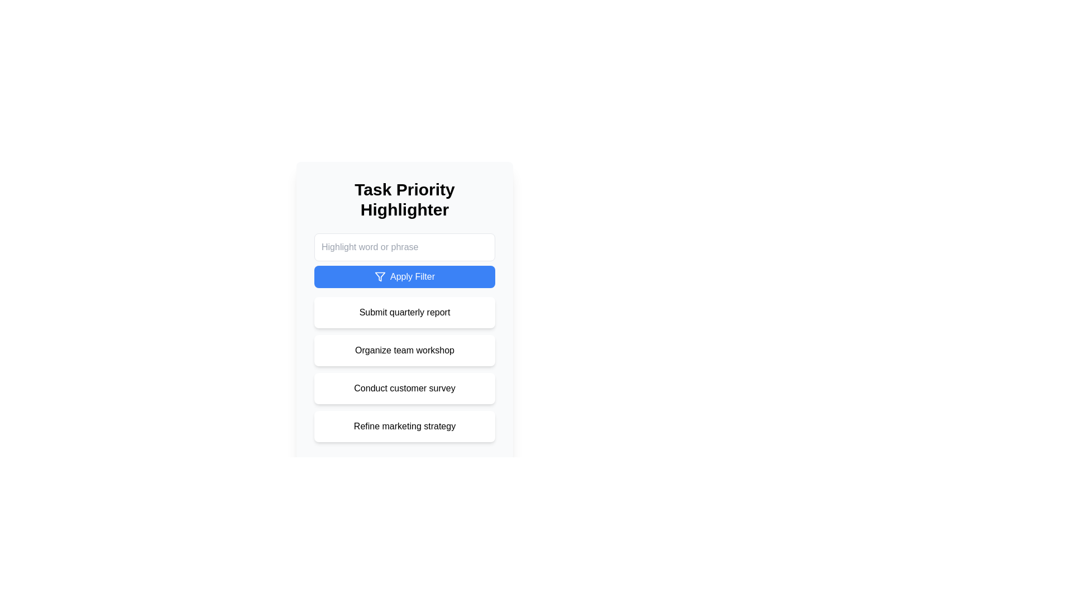  What do you see at coordinates (404, 276) in the screenshot?
I see `the filter button located below the text input field with the placeholder 'Highlight word or phrase' to observe its hover state` at bounding box center [404, 276].